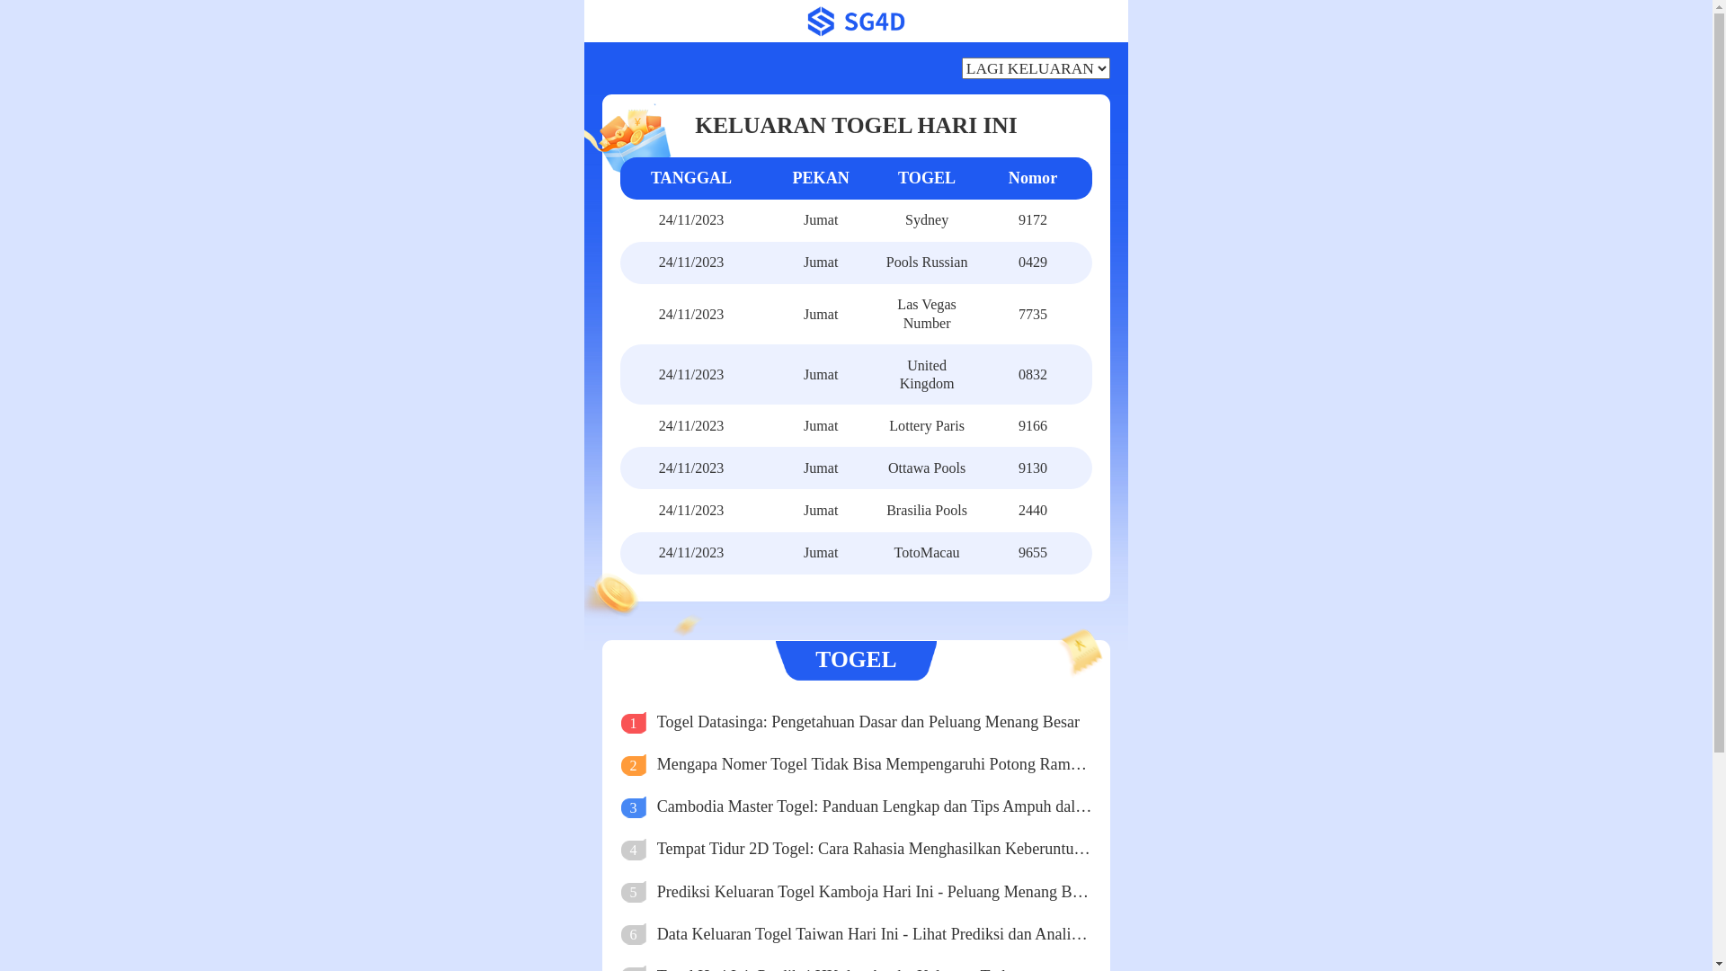  Describe the element at coordinates (875, 721) in the screenshot. I see `'Togel Datasinga: Pengetahuan Dasar dan Peluang Menang Besar'` at that location.